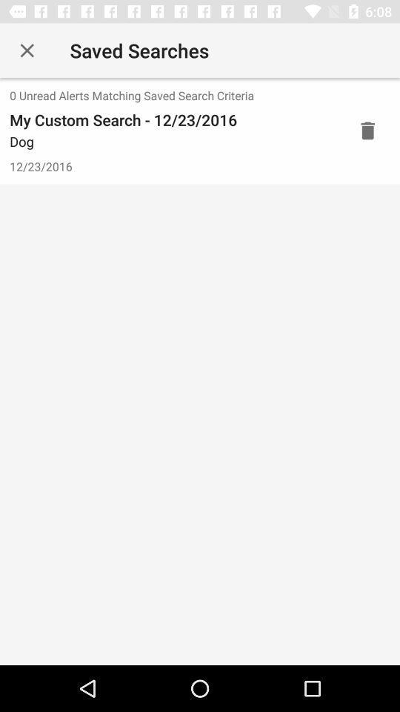 This screenshot has height=712, width=400. What do you see at coordinates (27, 50) in the screenshot?
I see `the icon to the left of the saved searches` at bounding box center [27, 50].